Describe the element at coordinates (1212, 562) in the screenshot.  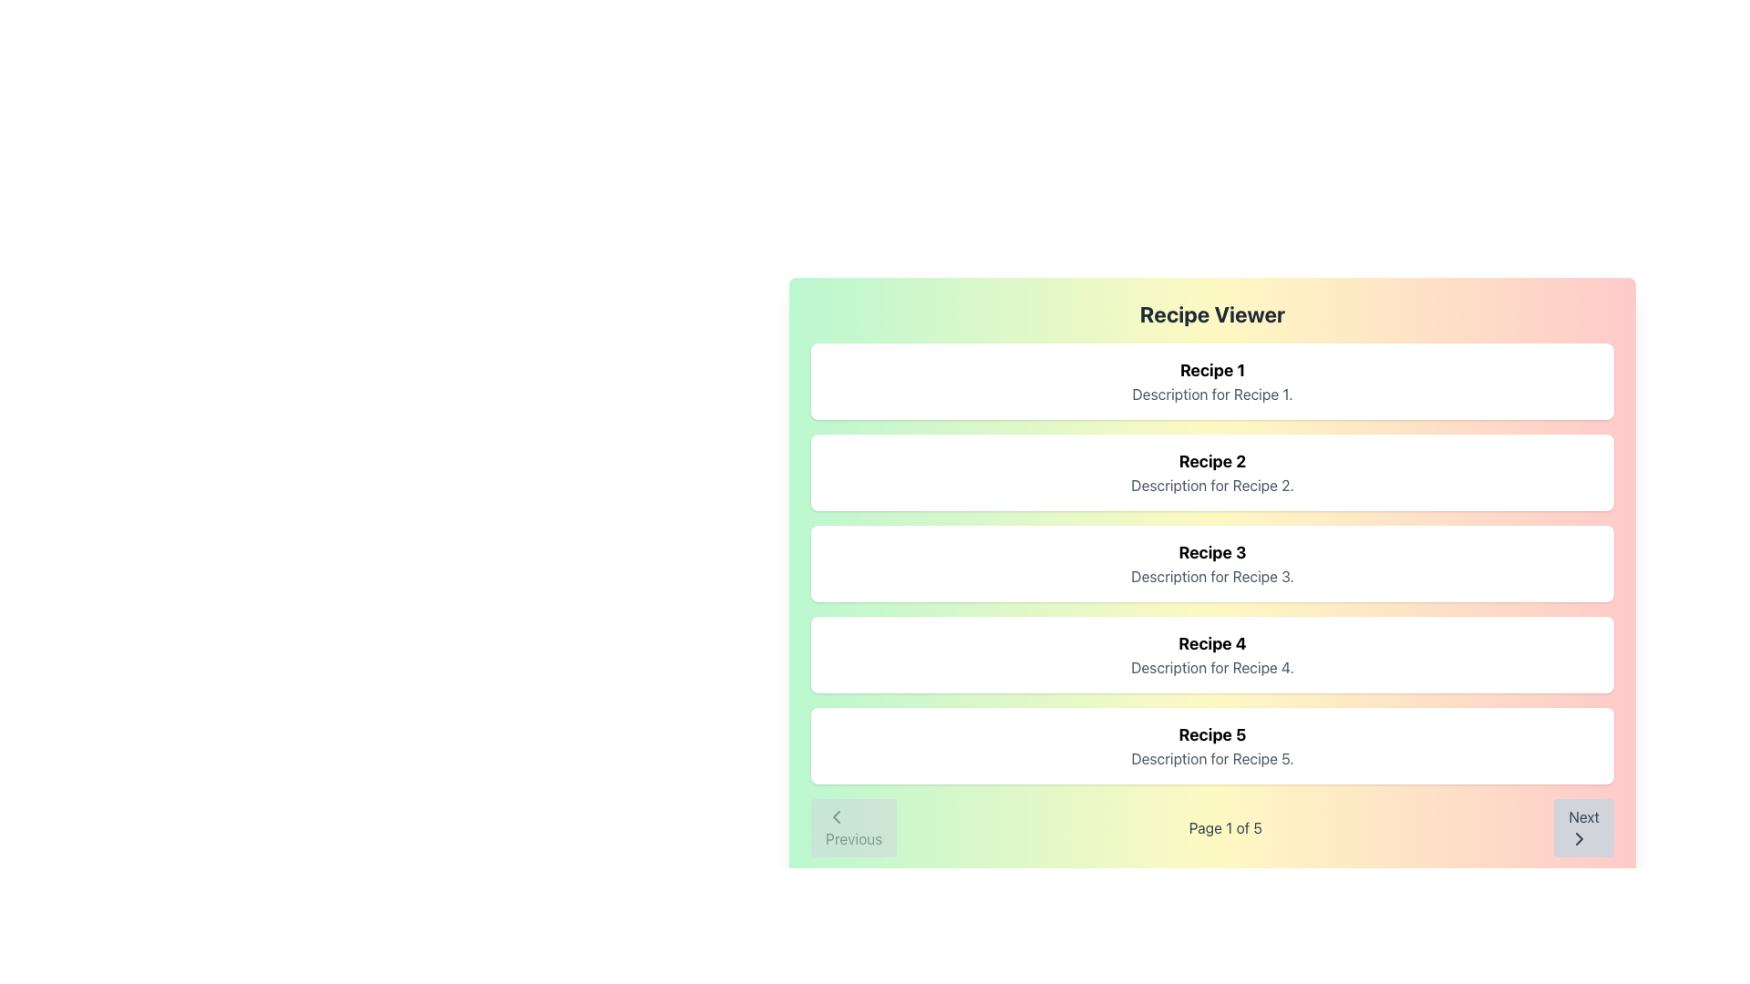
I see `the recipe title in the third list item element that displays a recipe's name and description, located between 'Recipe 2' and 'Recipe 4'` at that location.